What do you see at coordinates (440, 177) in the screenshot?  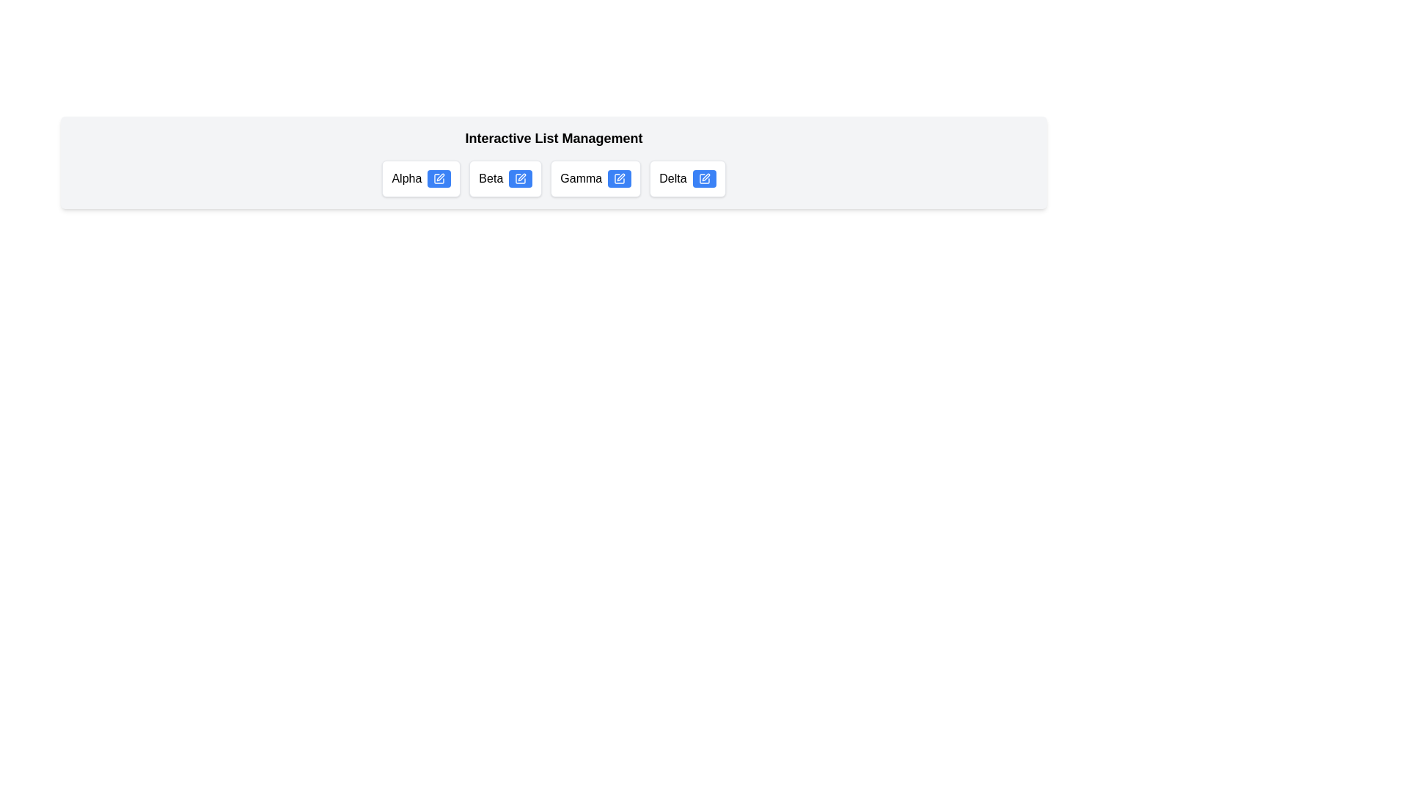 I see `the edit icon on the right side of the 'Alpha' button to initiate editing of the 'Alpha' entry` at bounding box center [440, 177].